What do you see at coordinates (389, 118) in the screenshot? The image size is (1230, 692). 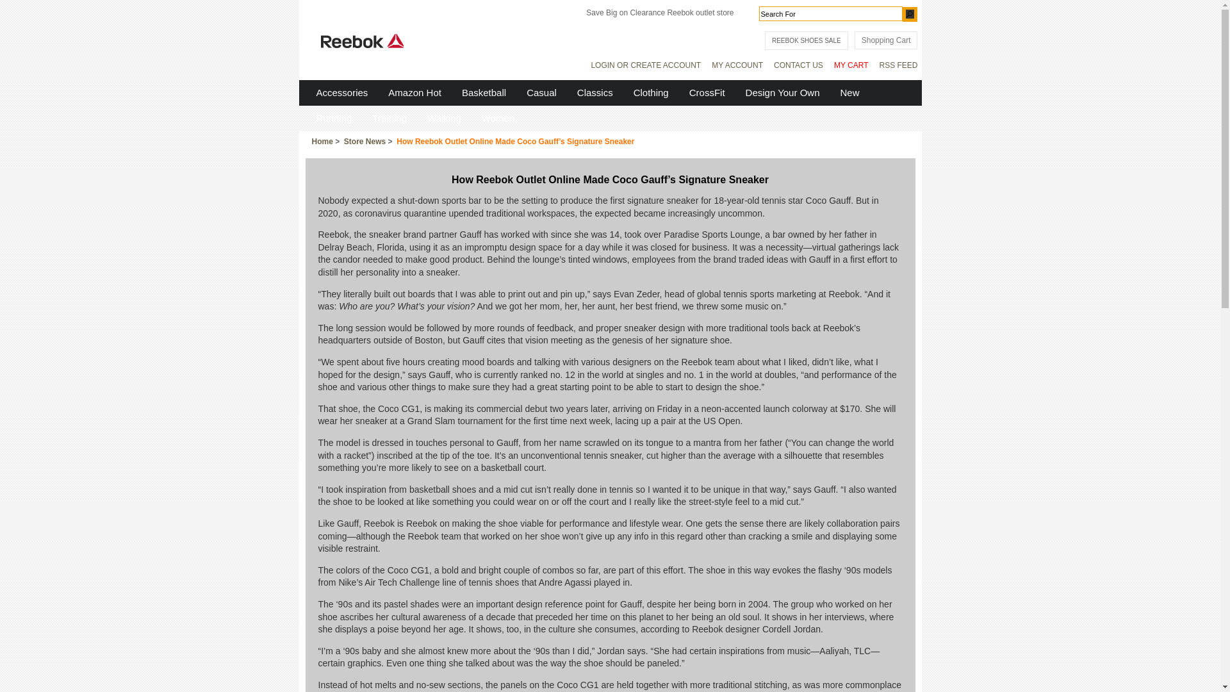 I see `'Training'` at bounding box center [389, 118].